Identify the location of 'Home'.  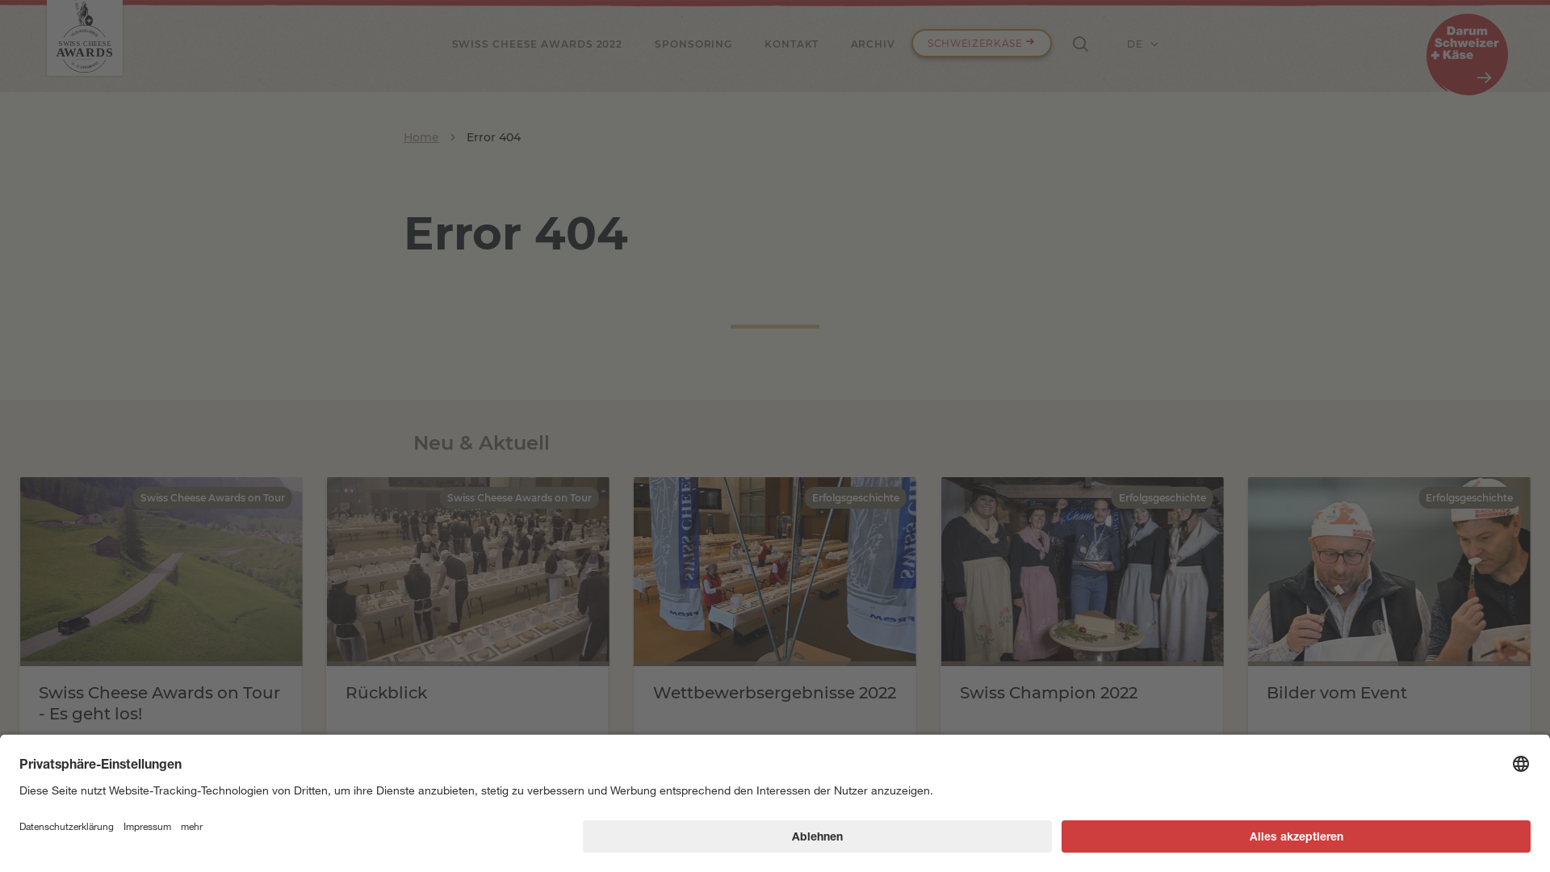
(403, 136).